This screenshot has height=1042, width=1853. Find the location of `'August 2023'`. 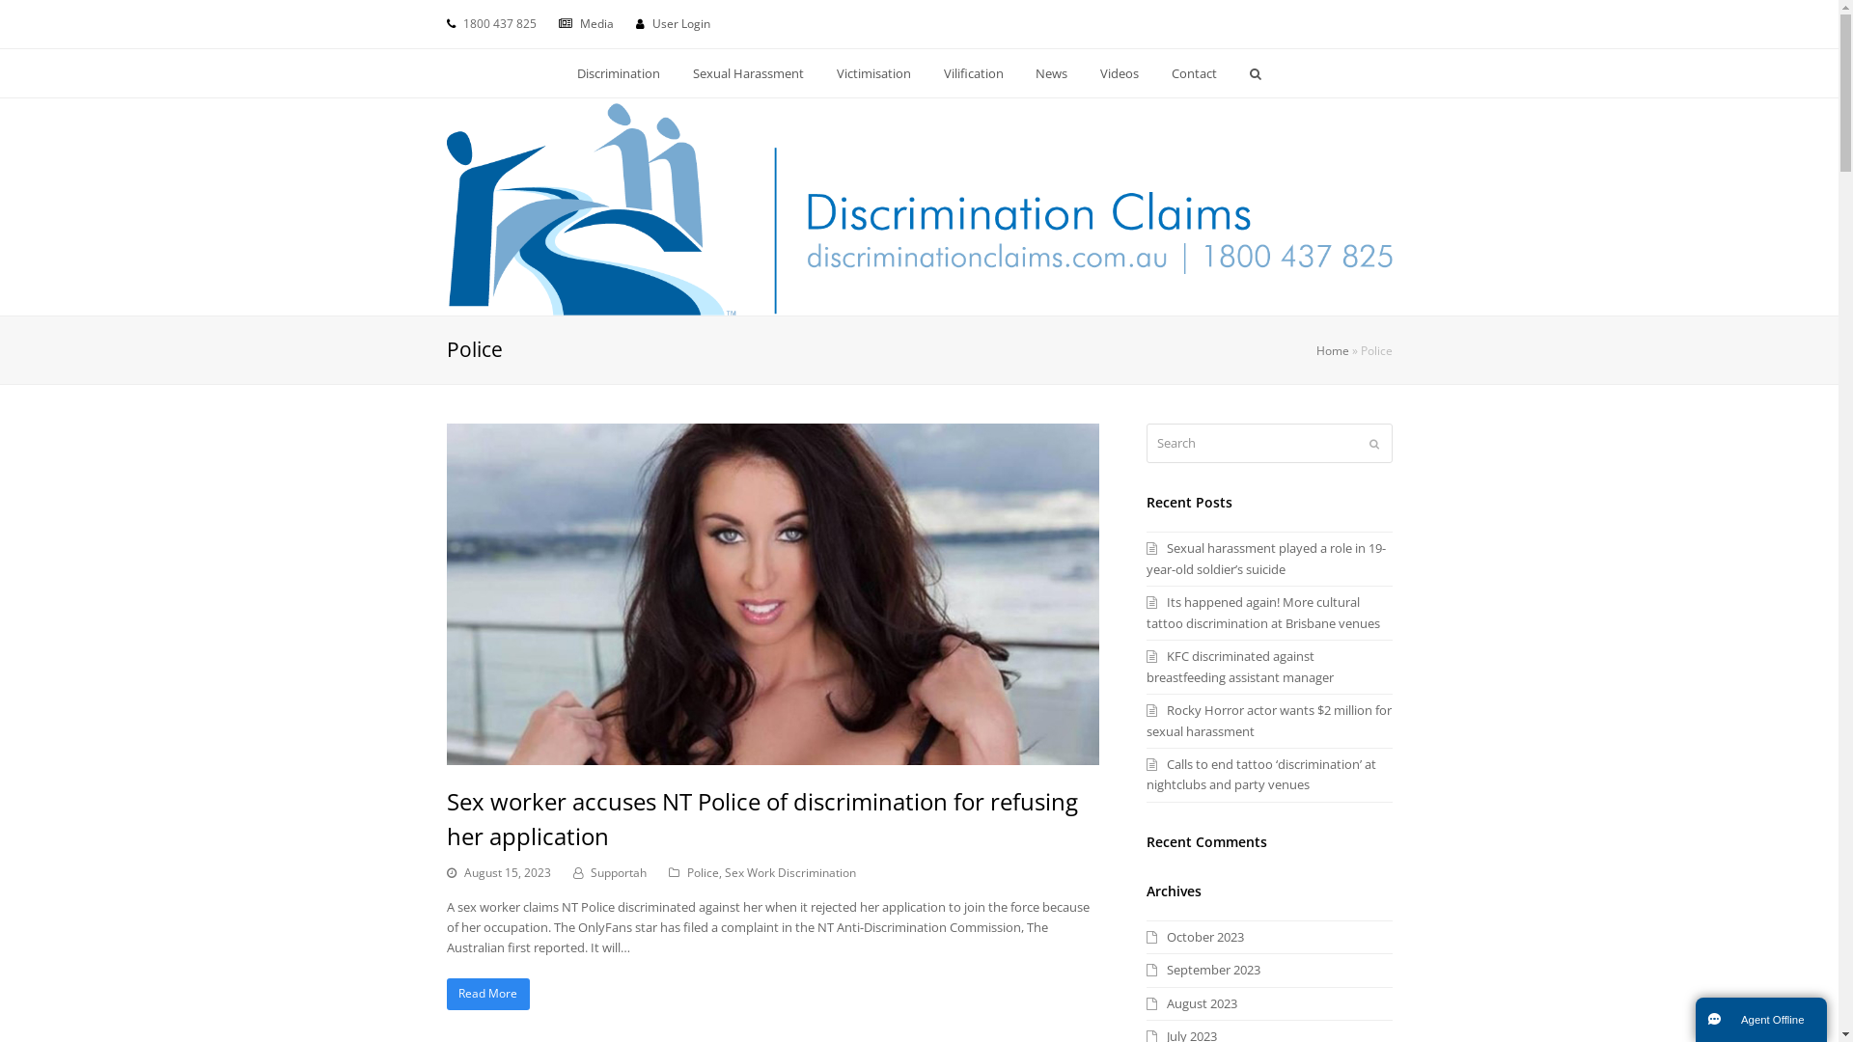

'August 2023' is located at coordinates (1190, 1002).